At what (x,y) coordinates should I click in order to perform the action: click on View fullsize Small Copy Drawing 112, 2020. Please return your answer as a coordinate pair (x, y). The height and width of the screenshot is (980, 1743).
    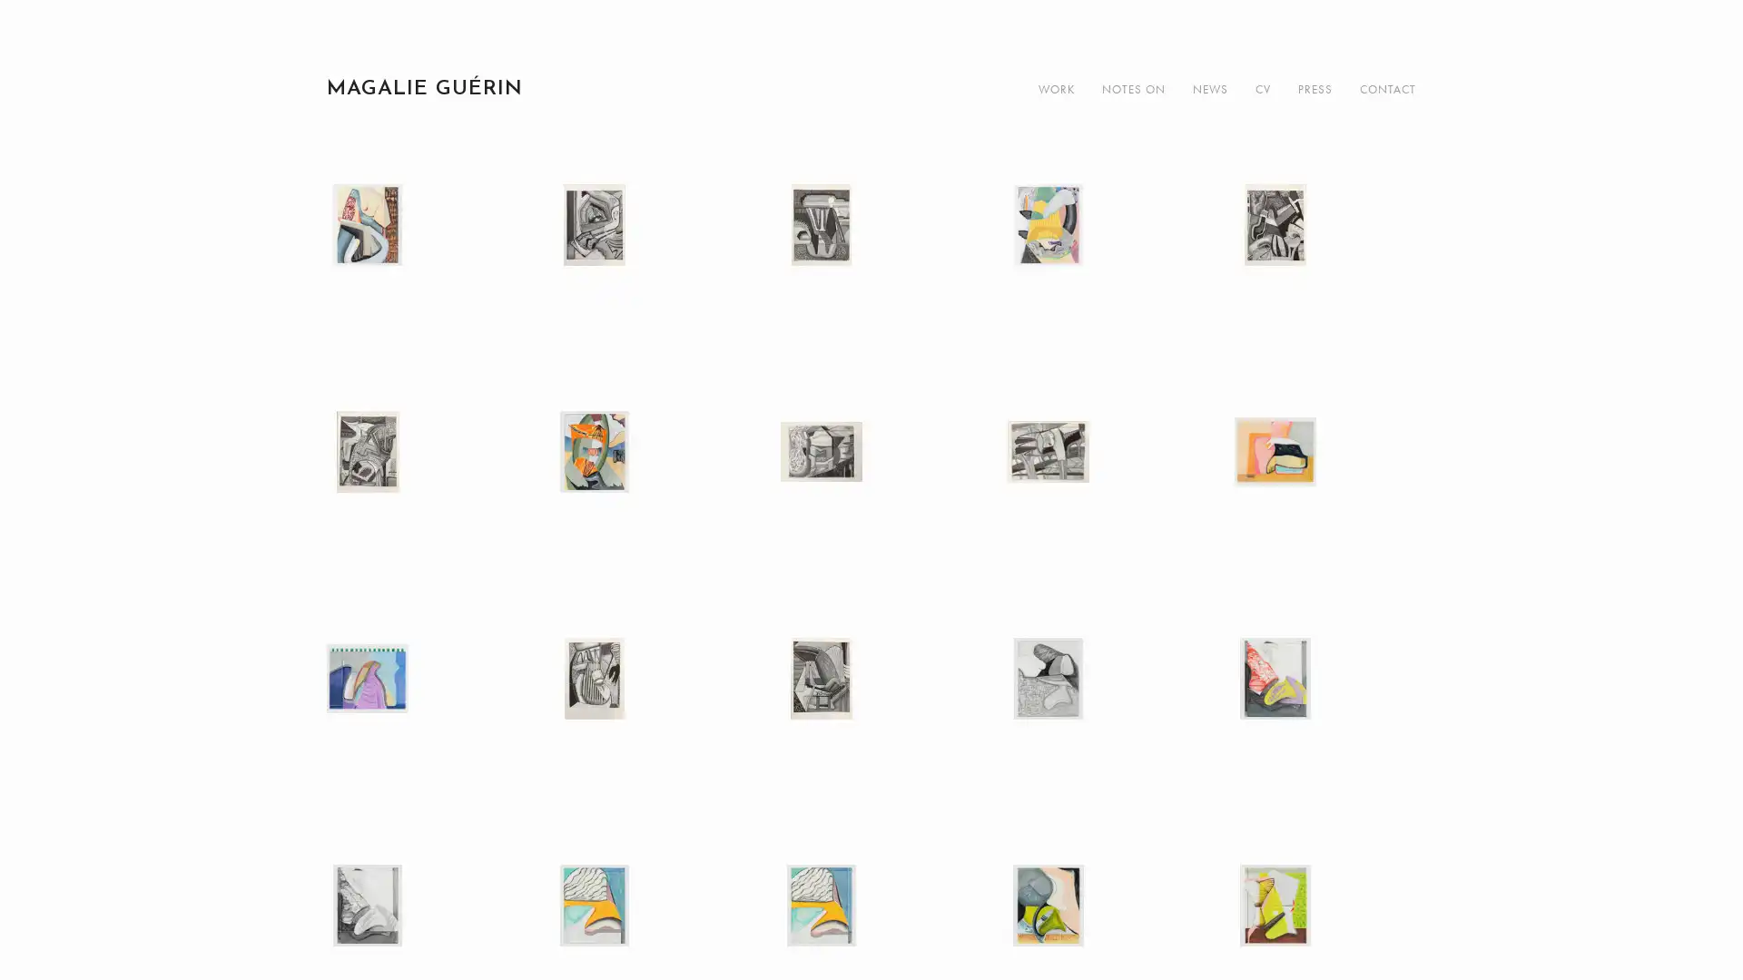
    Looking at the image, I should click on (871, 275).